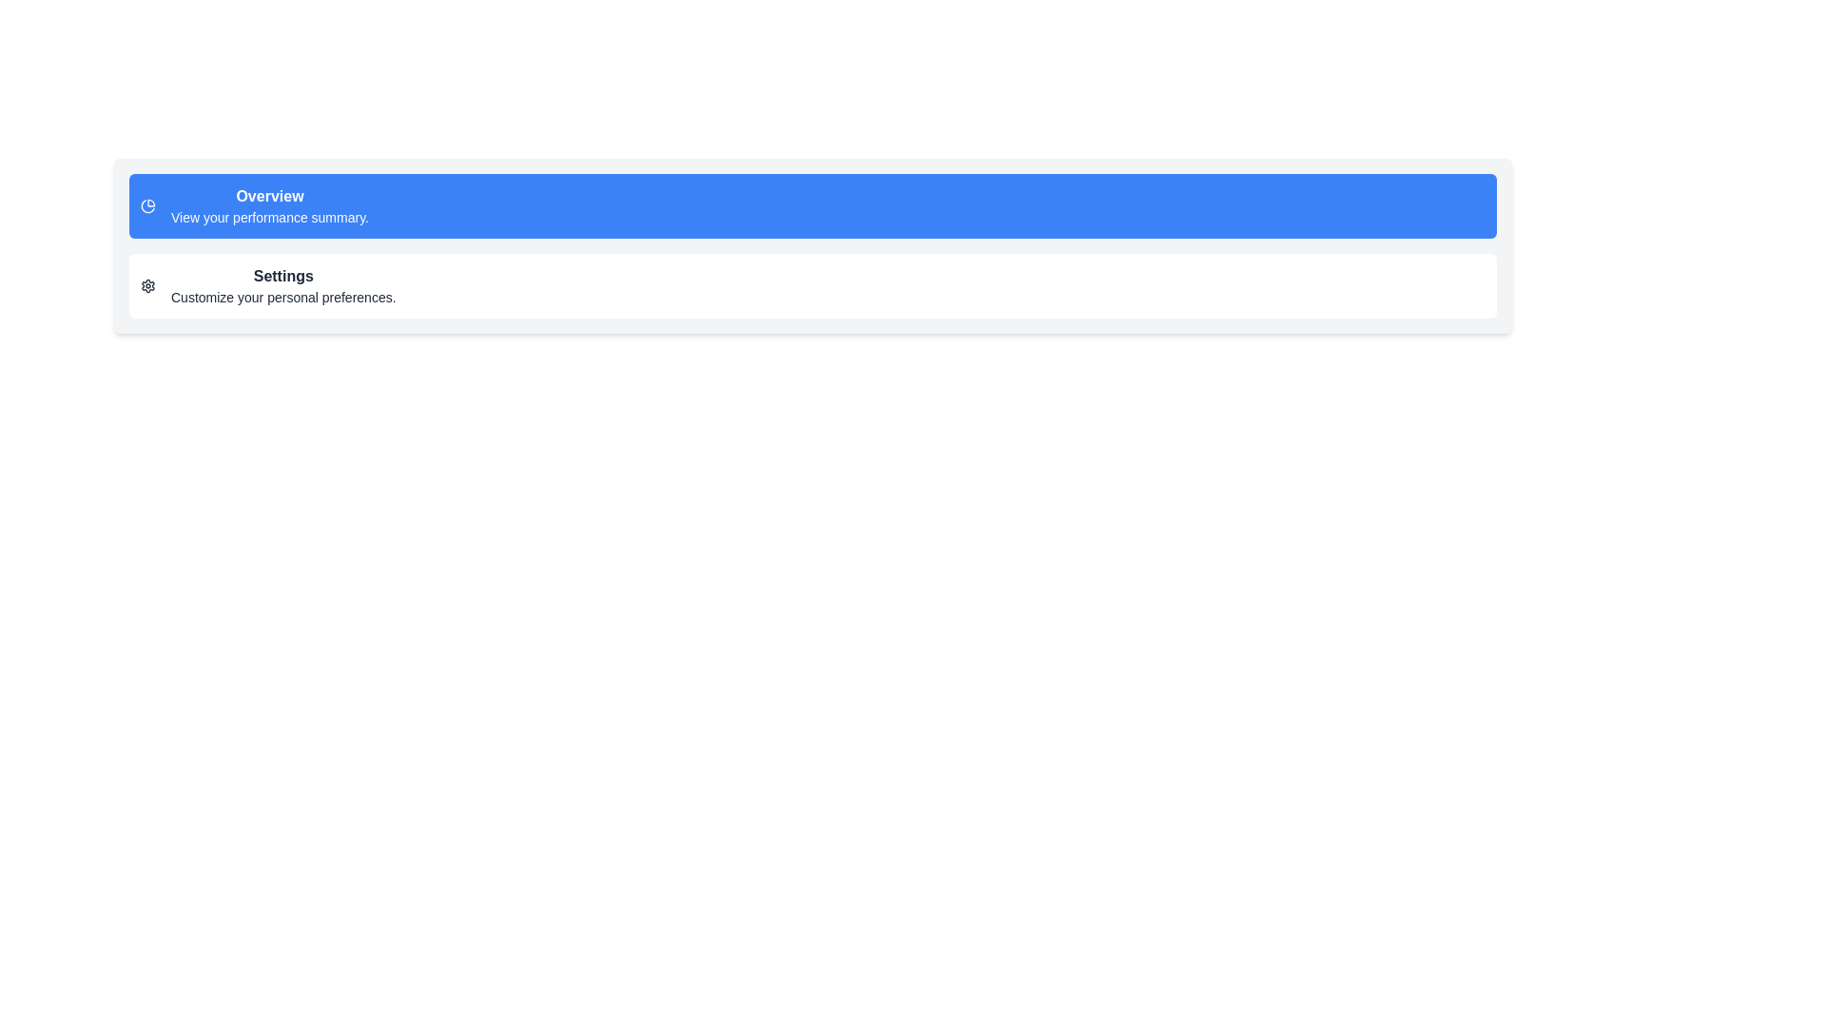 Image resolution: width=1826 pixels, height=1027 pixels. What do you see at coordinates (268, 197) in the screenshot?
I see `the 'Overview' text label, which is displayed in bold font and centrally aligned within a blue background section of the UI` at bounding box center [268, 197].